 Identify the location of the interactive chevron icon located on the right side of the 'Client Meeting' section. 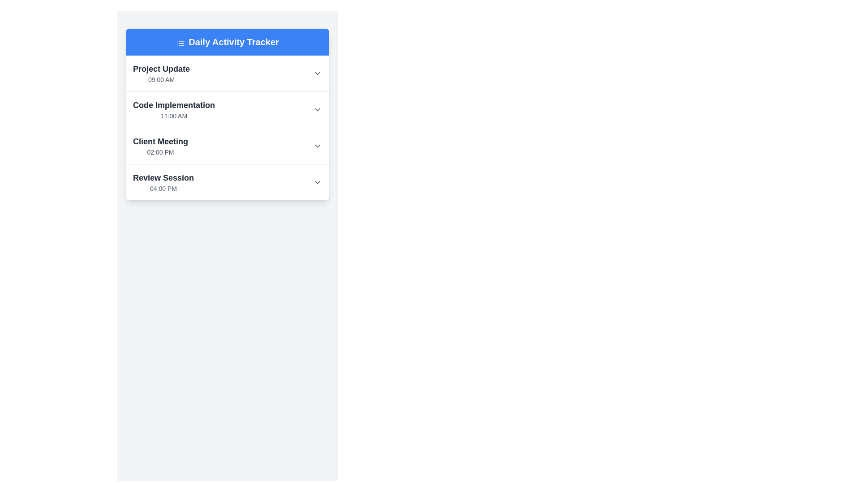
(318, 146).